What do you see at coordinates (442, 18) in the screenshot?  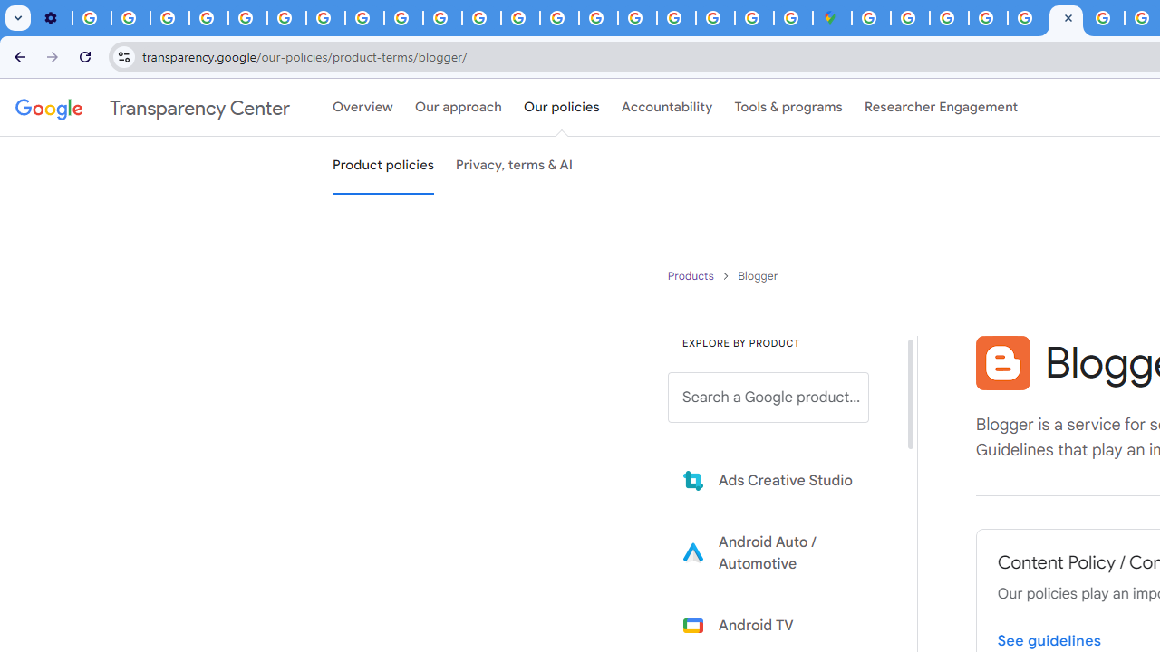 I see `'Privacy Checkup'` at bounding box center [442, 18].